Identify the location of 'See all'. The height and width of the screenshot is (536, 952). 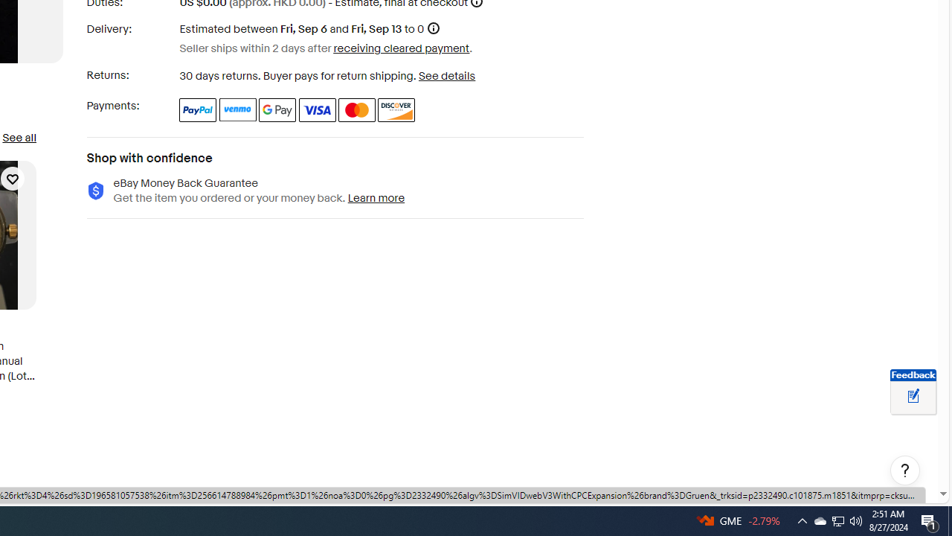
(19, 138).